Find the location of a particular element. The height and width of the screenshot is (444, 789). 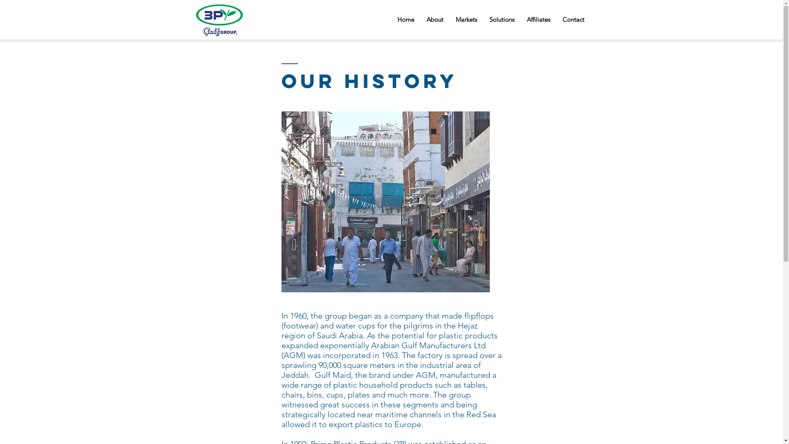

'Contact' is located at coordinates (556, 19).